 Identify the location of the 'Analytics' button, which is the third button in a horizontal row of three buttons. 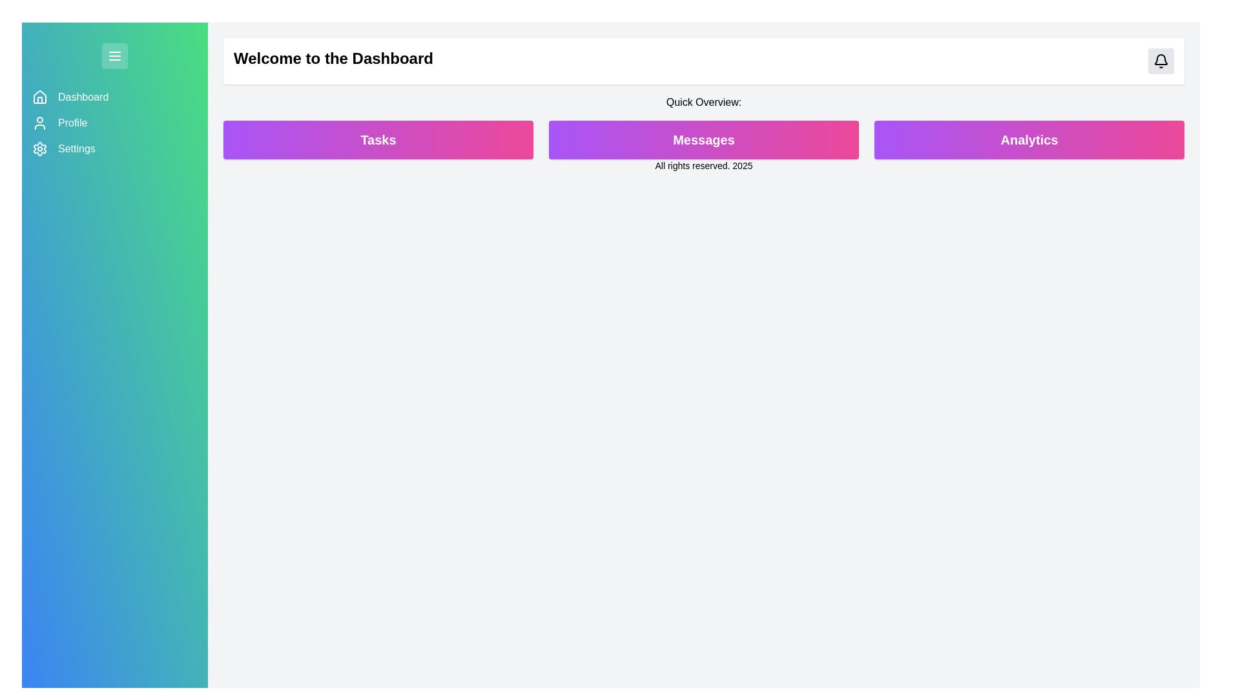
(1028, 139).